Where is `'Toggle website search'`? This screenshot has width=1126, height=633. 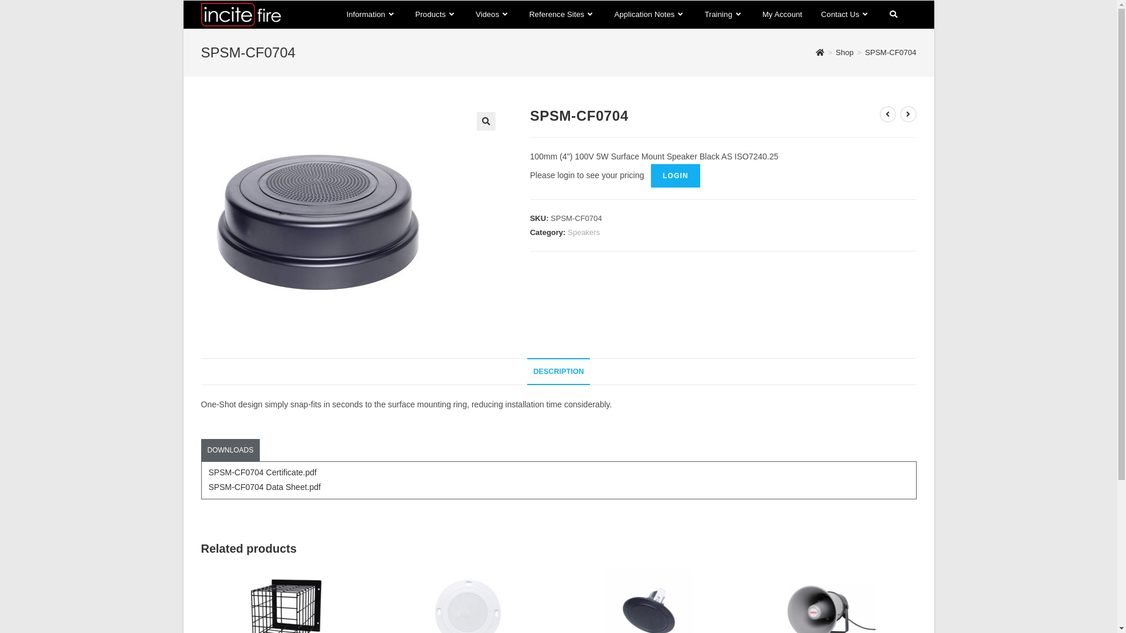 'Toggle website search' is located at coordinates (892, 14).